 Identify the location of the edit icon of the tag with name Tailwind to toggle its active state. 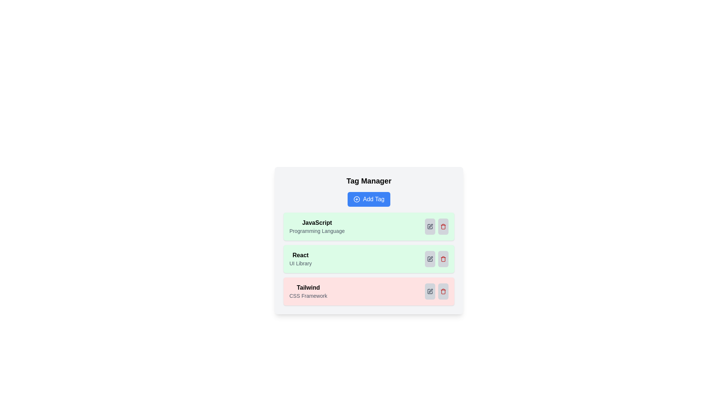
(430, 291).